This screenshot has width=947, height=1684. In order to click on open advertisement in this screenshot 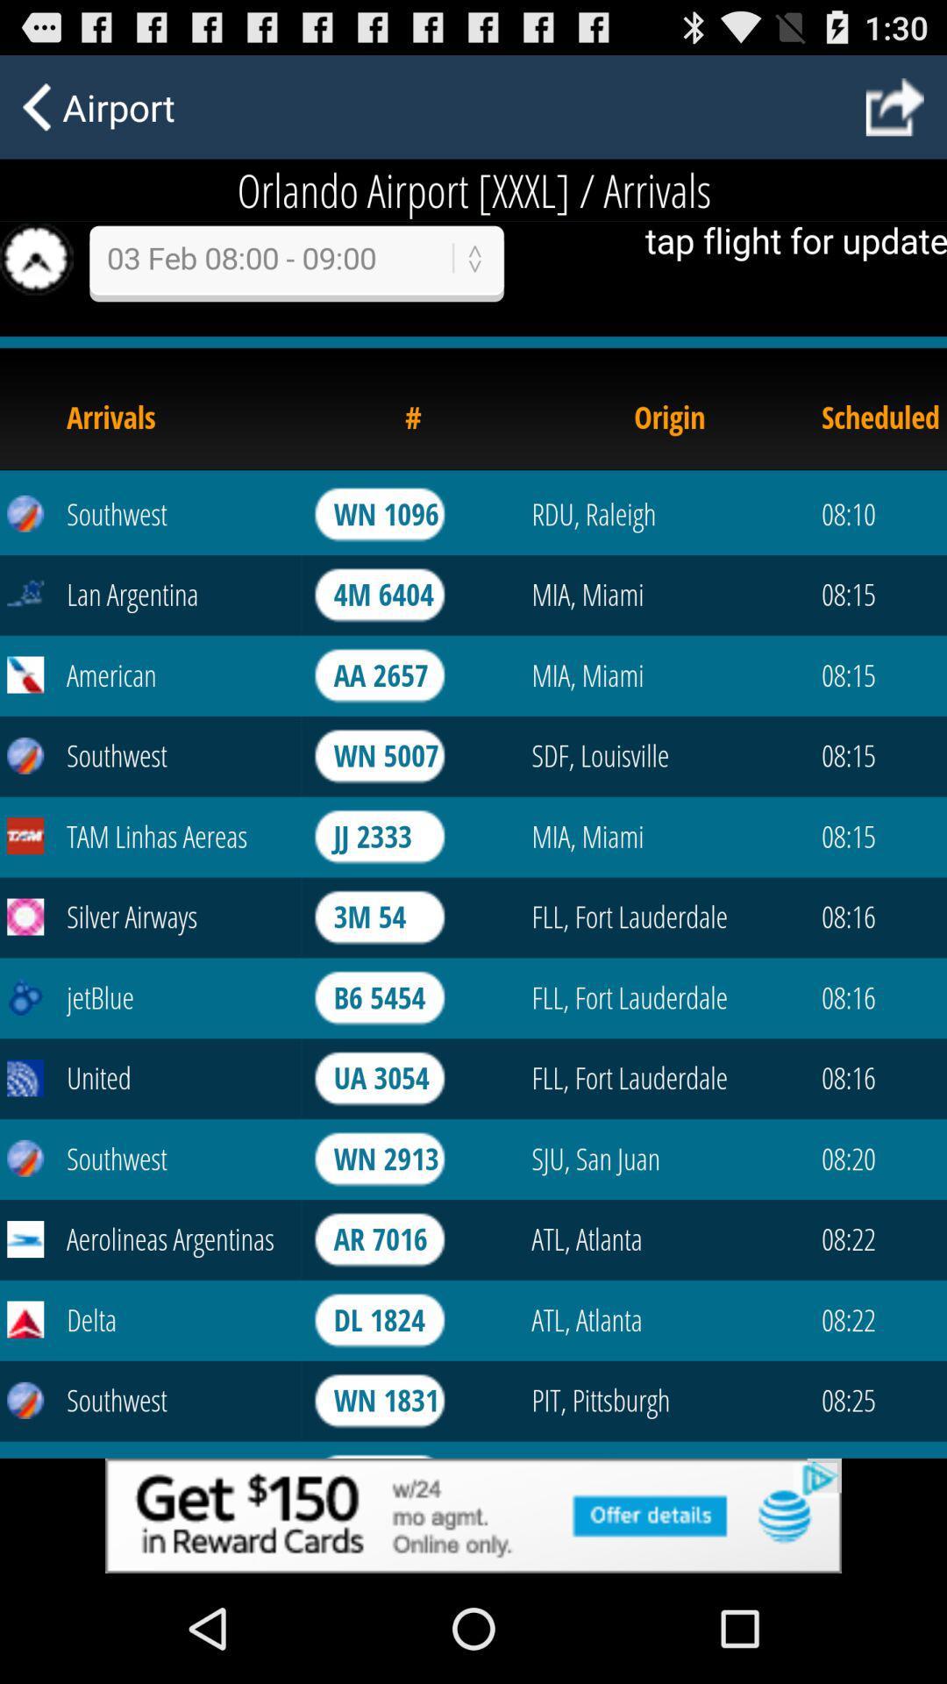, I will do `click(473, 1515)`.